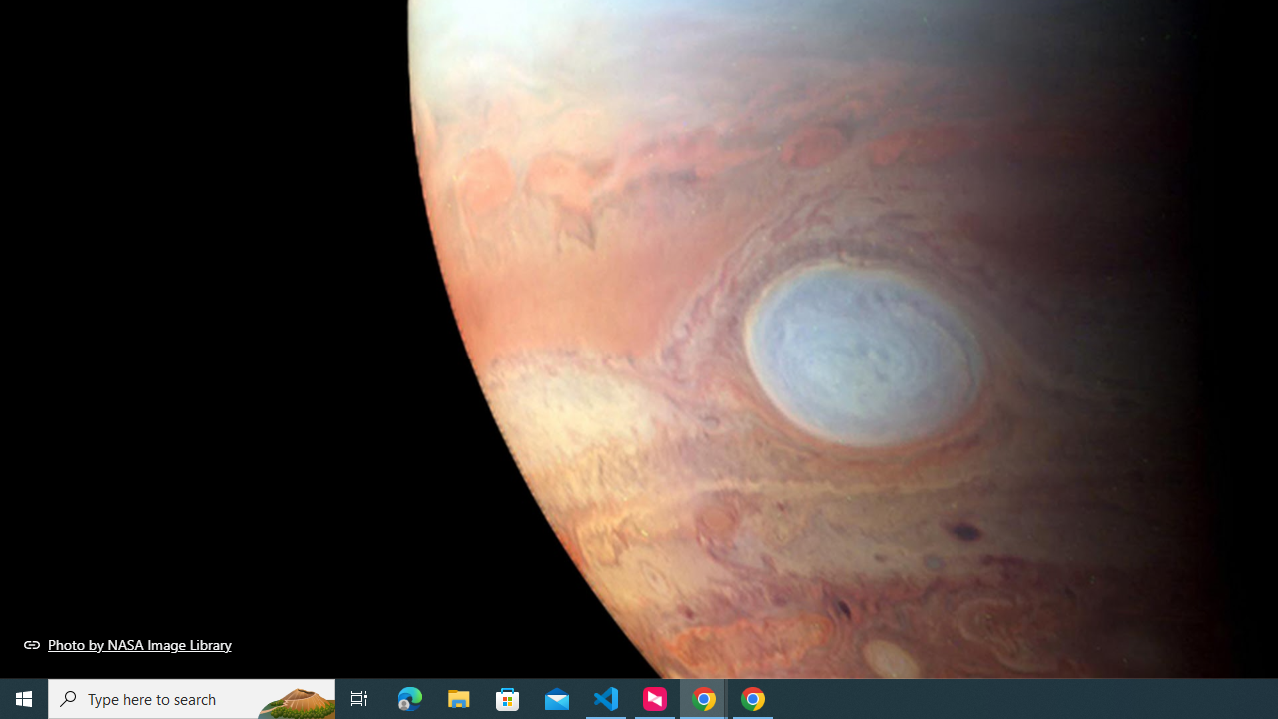 The height and width of the screenshot is (719, 1278). I want to click on 'Photo by NASA Image Library', so click(127, 644).